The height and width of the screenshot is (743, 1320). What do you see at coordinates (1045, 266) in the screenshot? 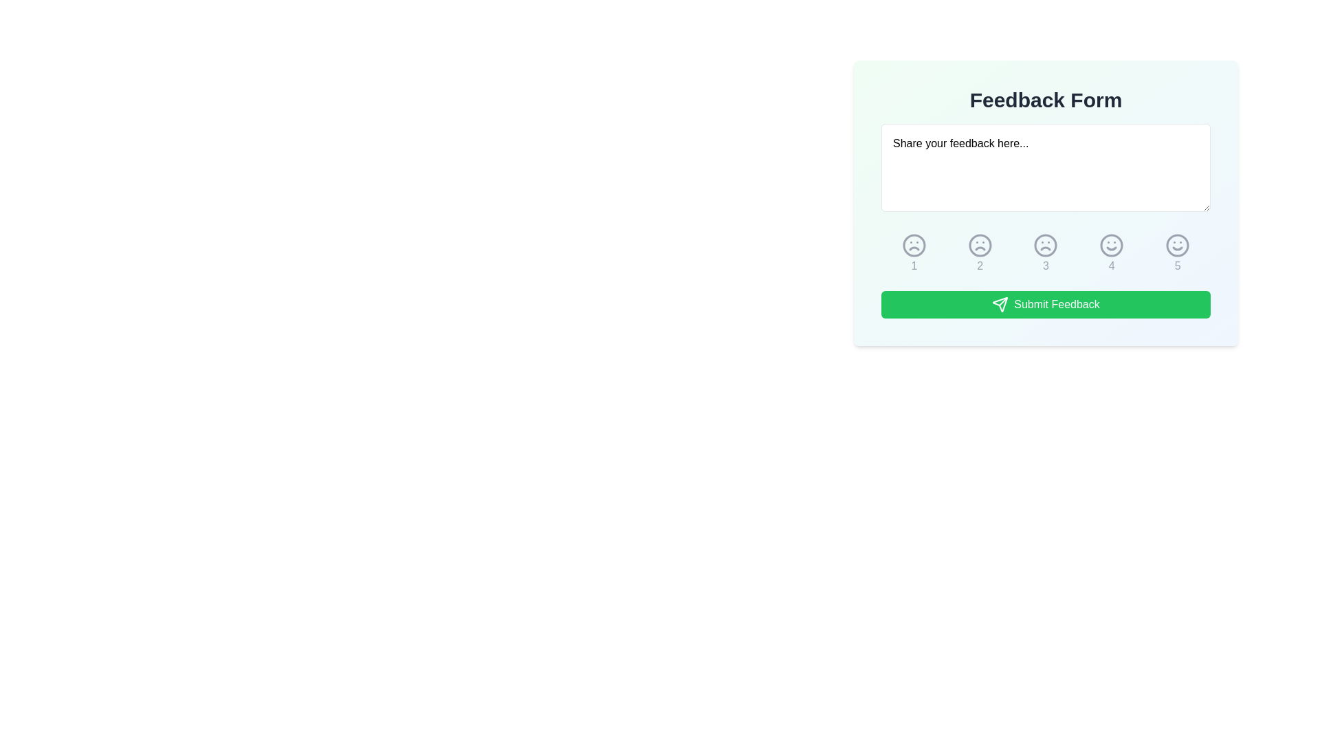
I see `the static text label displaying the numeral '3', which is positioned below a frown face icon and is part of a feedback options row` at bounding box center [1045, 266].